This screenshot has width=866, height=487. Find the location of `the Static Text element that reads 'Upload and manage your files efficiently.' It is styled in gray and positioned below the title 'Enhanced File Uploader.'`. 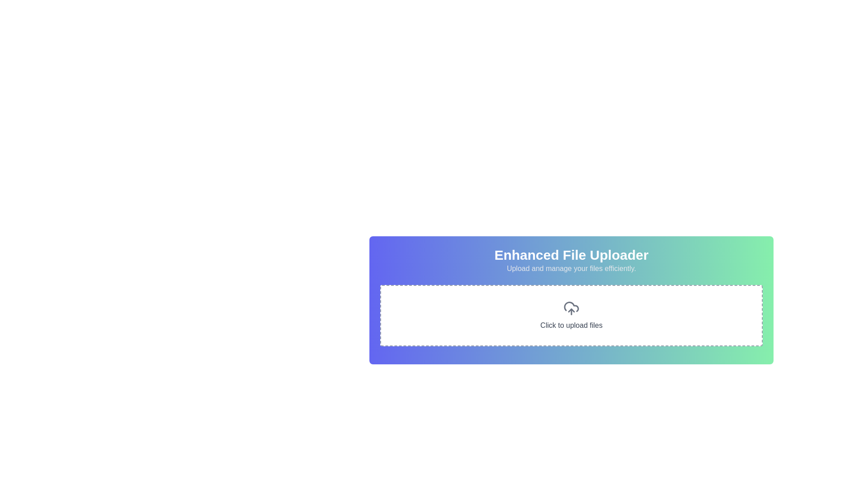

the Static Text element that reads 'Upload and manage your files efficiently.' It is styled in gray and positioned below the title 'Enhanced File Uploader.' is located at coordinates (571, 268).